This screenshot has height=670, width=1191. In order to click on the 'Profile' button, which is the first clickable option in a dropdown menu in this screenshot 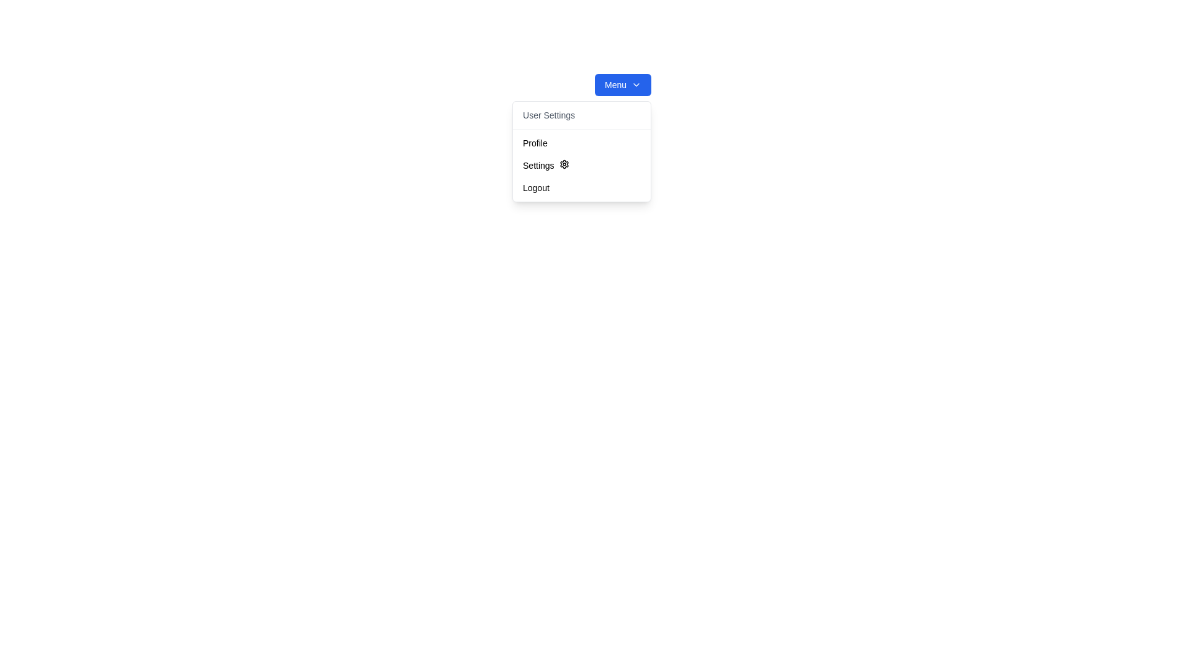, I will do `click(581, 143)`.